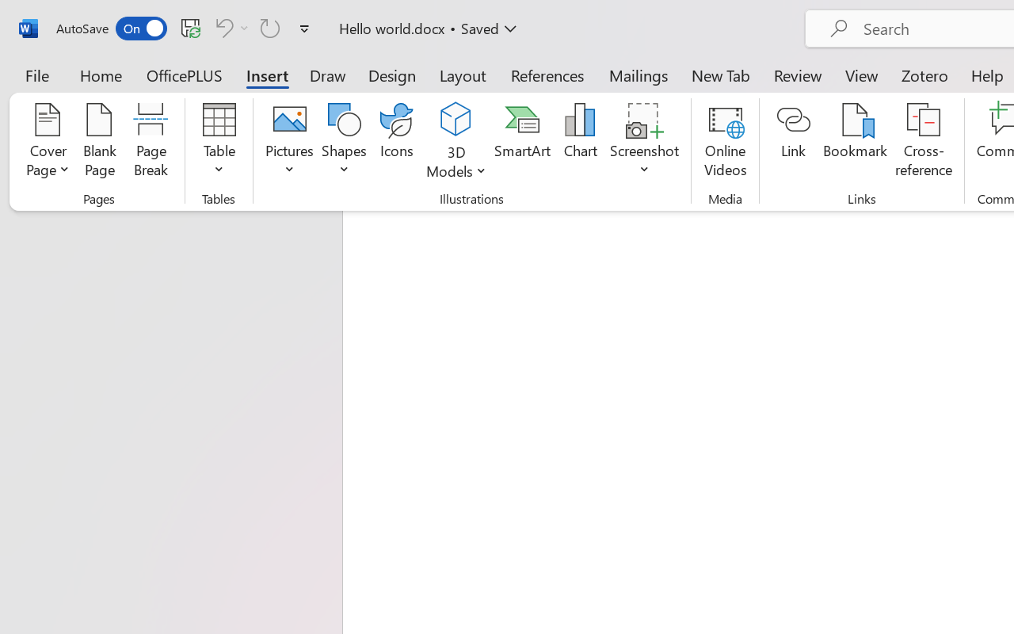 The width and height of the screenshot is (1014, 634). What do you see at coordinates (798, 74) in the screenshot?
I see `'Review'` at bounding box center [798, 74].